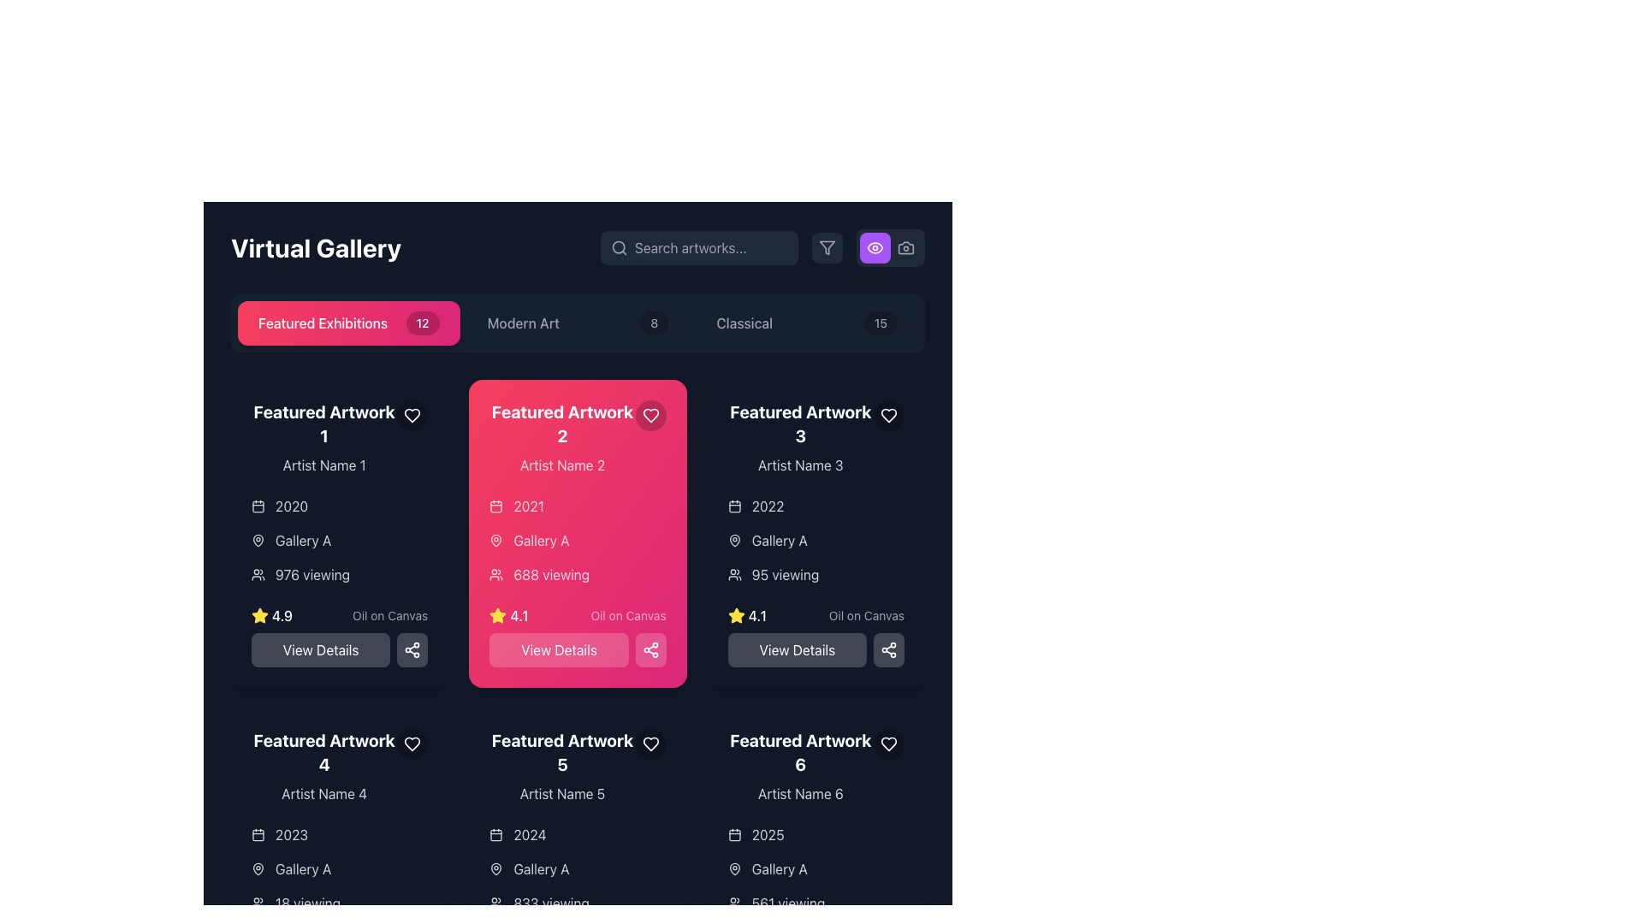 The image size is (1643, 924). What do you see at coordinates (618, 247) in the screenshot?
I see `the circular outline within the magnifying glass icon located near the top-right corner of the interface, adjacent to the 'Search artworks...' input field` at bounding box center [618, 247].